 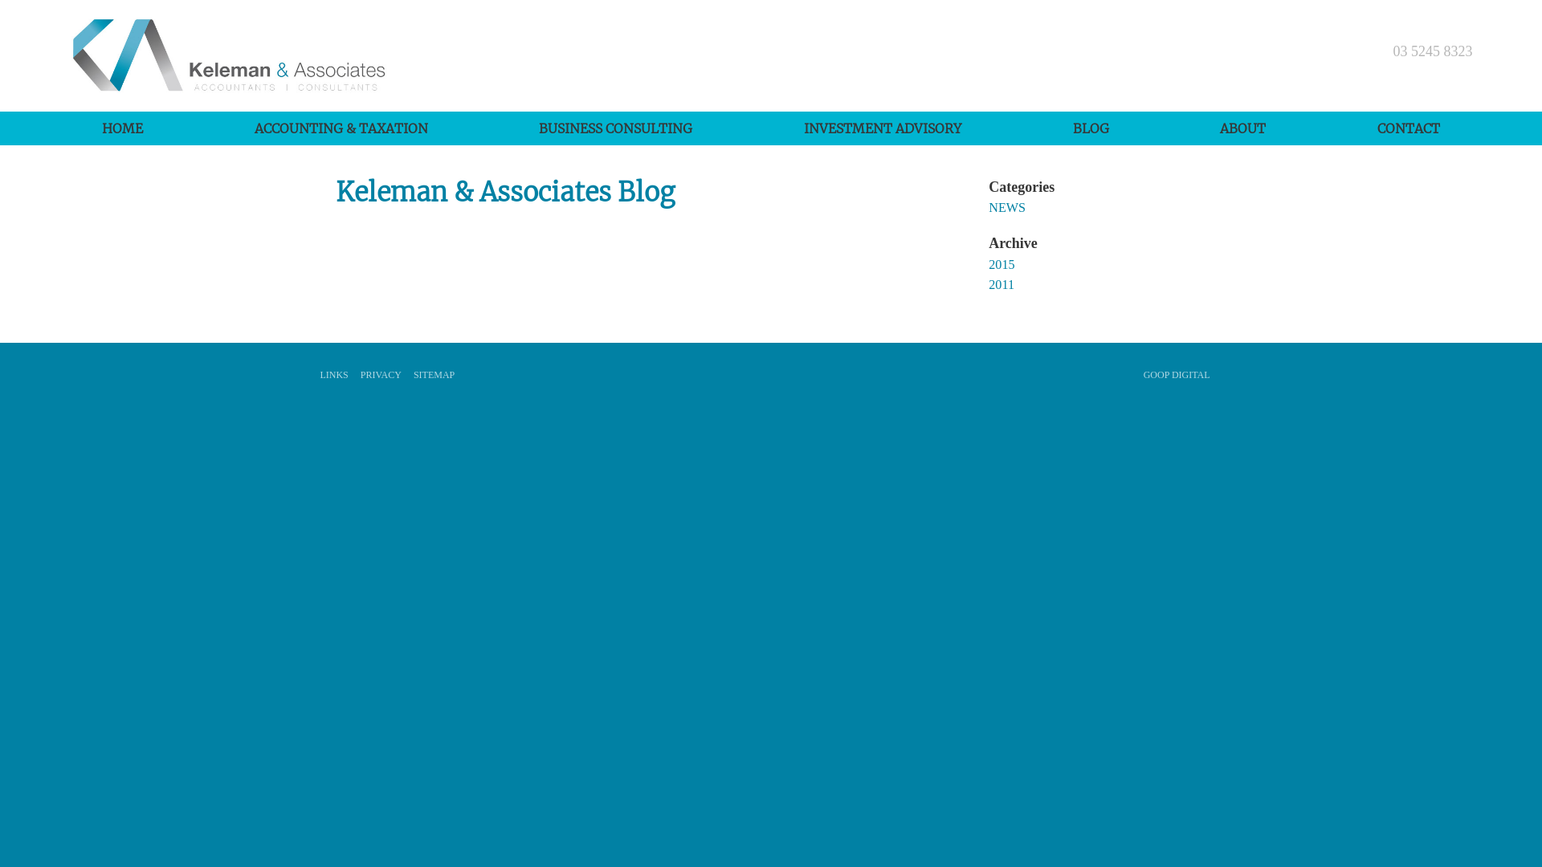 I want to click on 'PRIVACY', so click(x=380, y=374).